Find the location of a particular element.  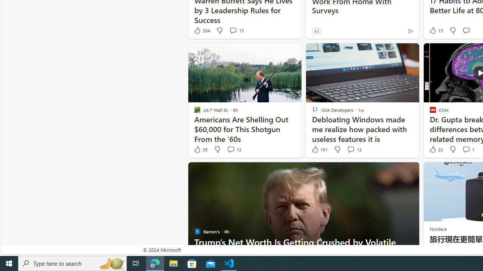

'Hide this story' is located at coordinates (396, 171).